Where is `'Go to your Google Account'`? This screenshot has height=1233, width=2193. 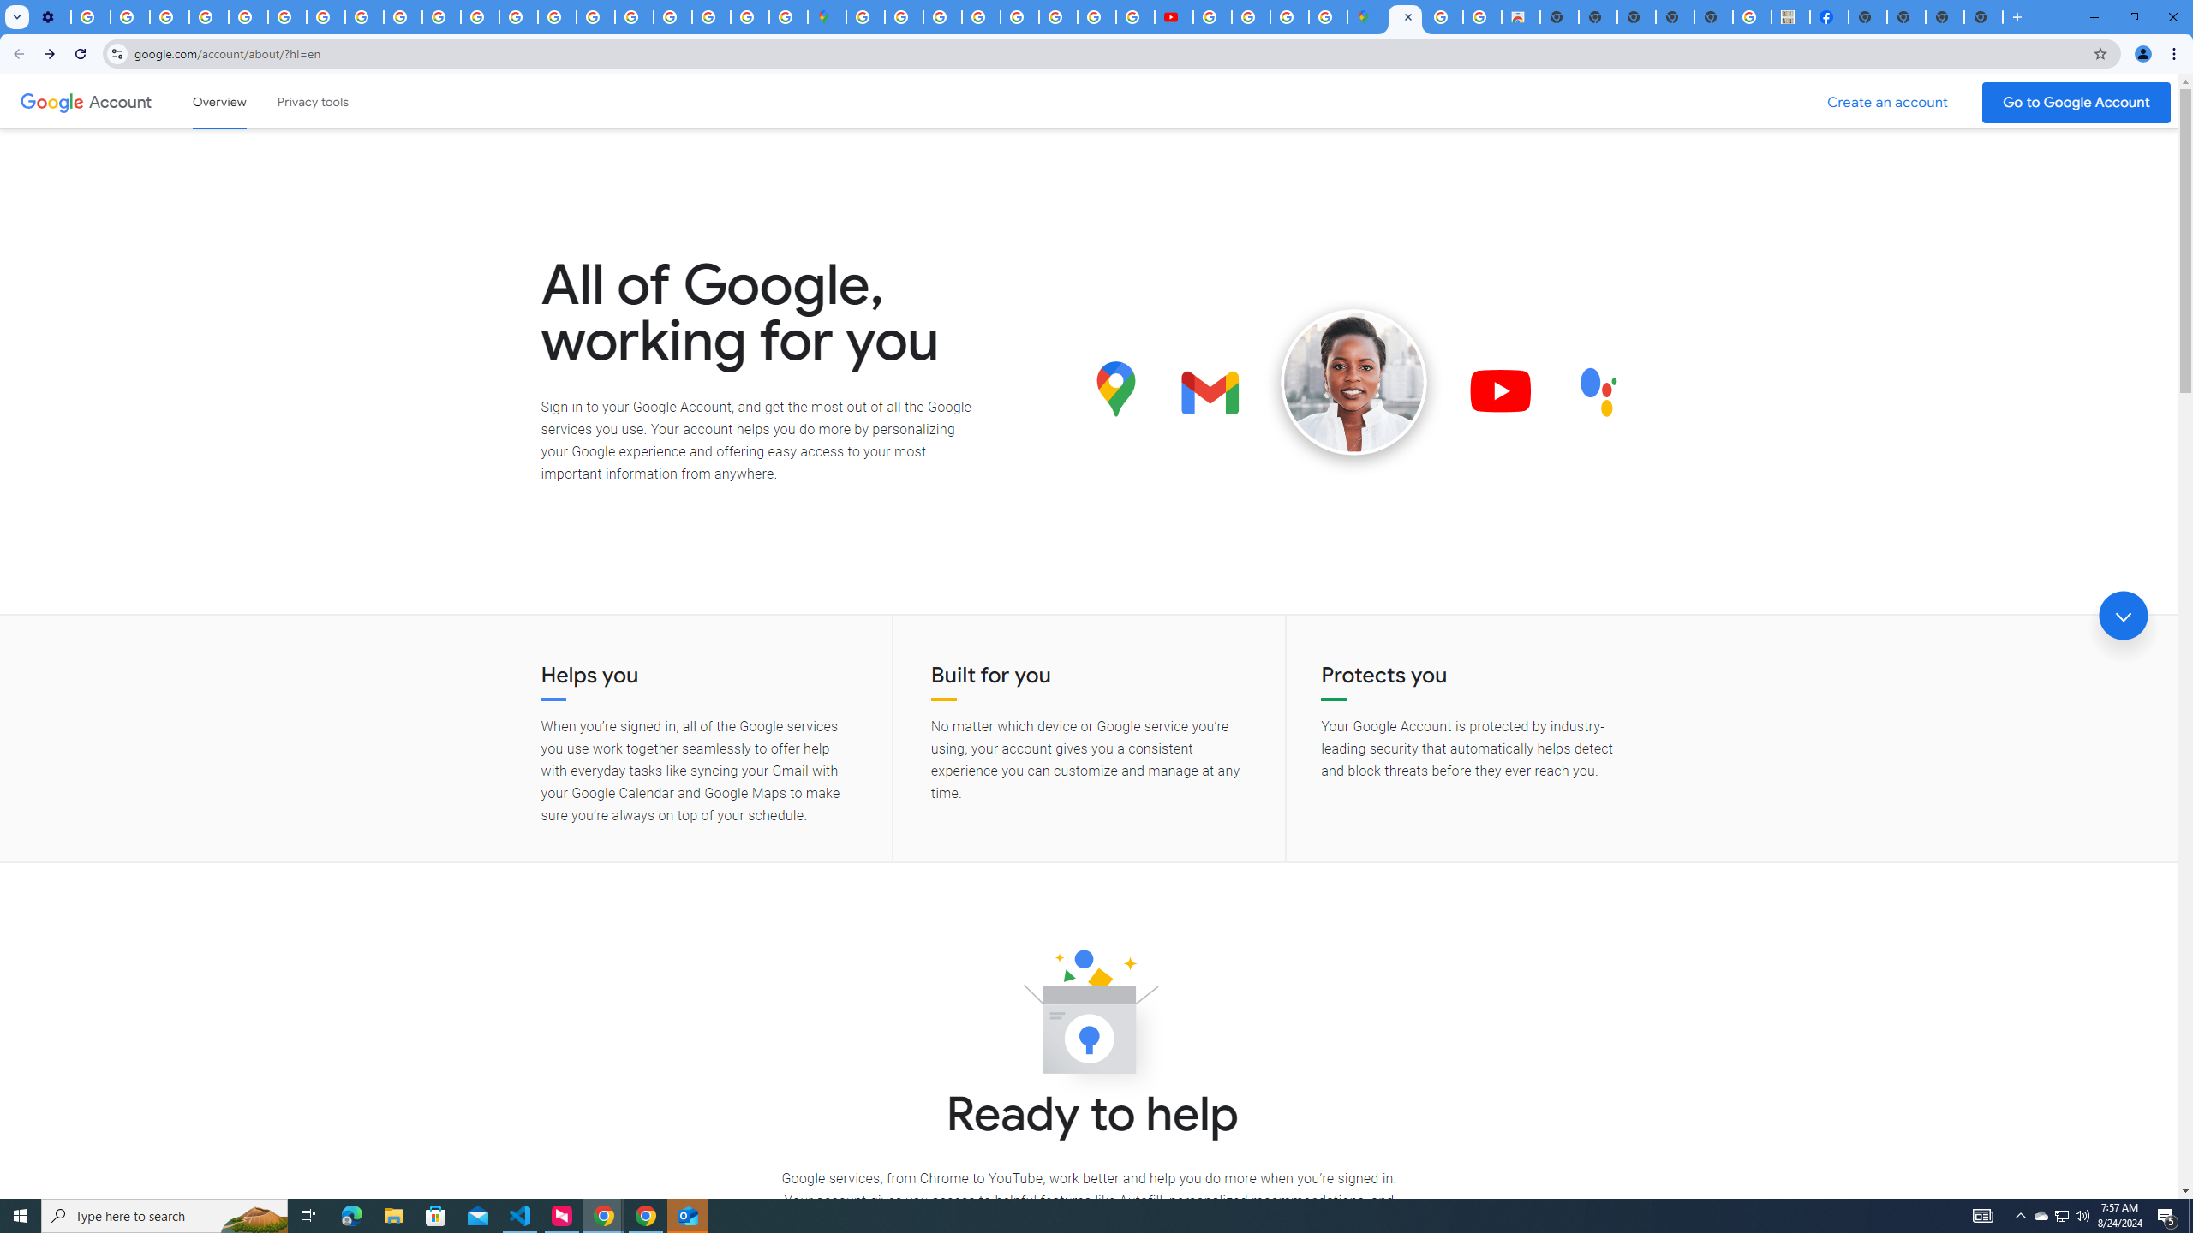 'Go to your Google Account' is located at coordinates (2076, 102).